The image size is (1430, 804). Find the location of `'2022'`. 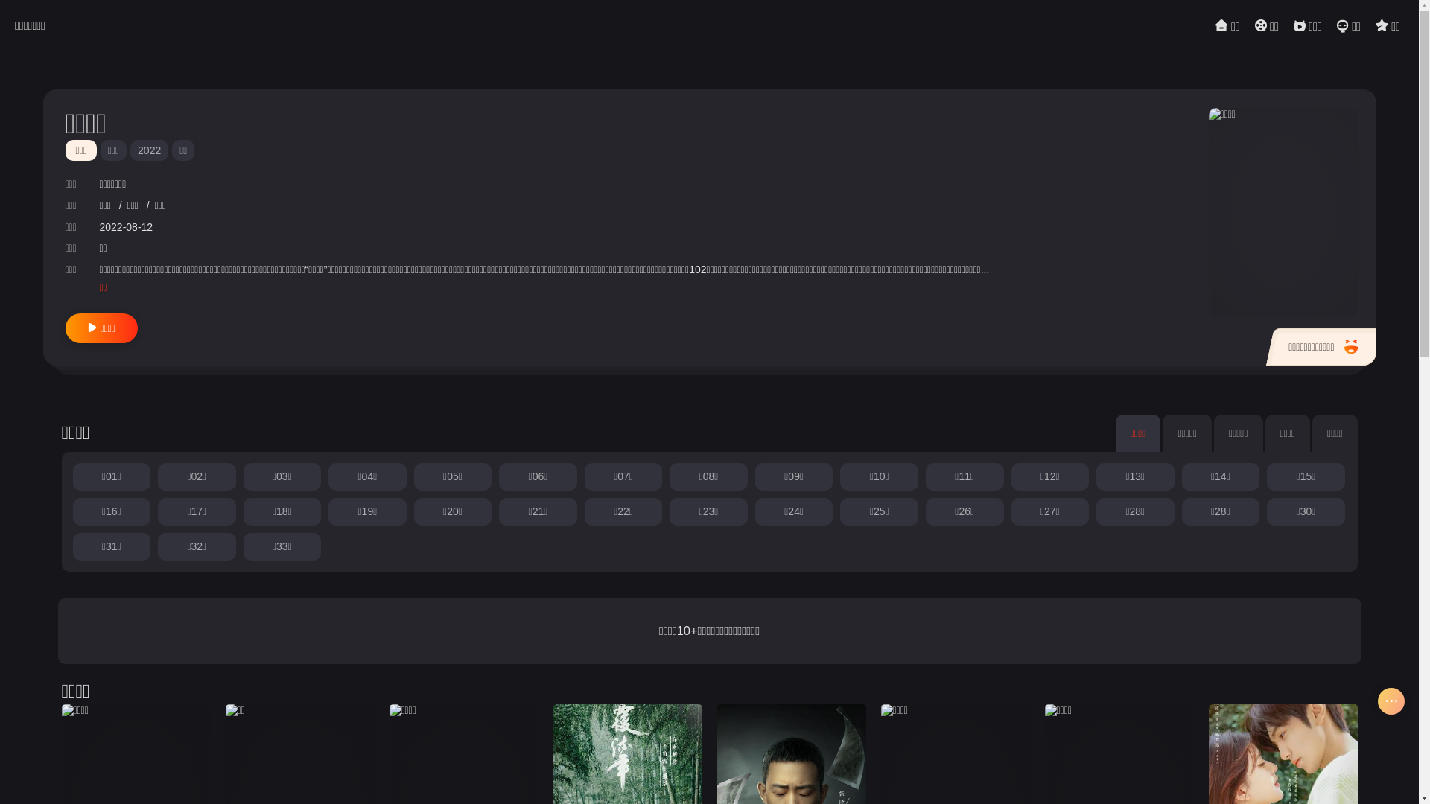

'2022' is located at coordinates (149, 150).